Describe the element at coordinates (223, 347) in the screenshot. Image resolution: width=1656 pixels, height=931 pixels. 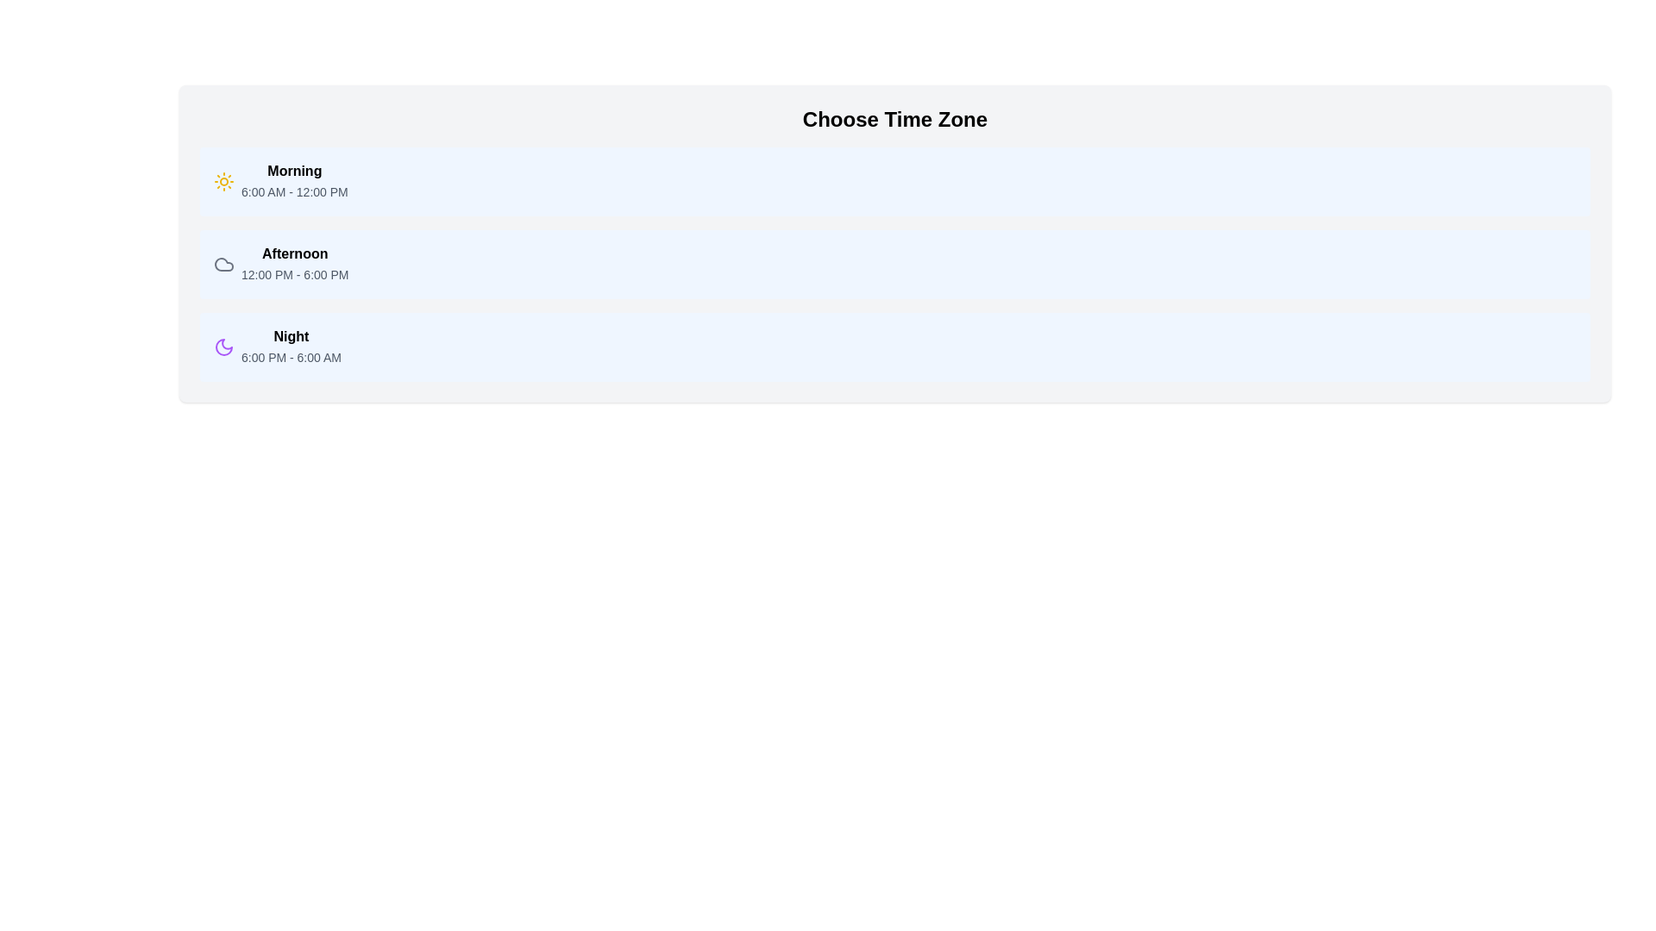
I see `the representation of the purple crescent moon icon located in the Night row of the time-of-day selection list, to the left of the 'Night' label and aligned with '6:00 PM - 6:00 AM'` at that location.